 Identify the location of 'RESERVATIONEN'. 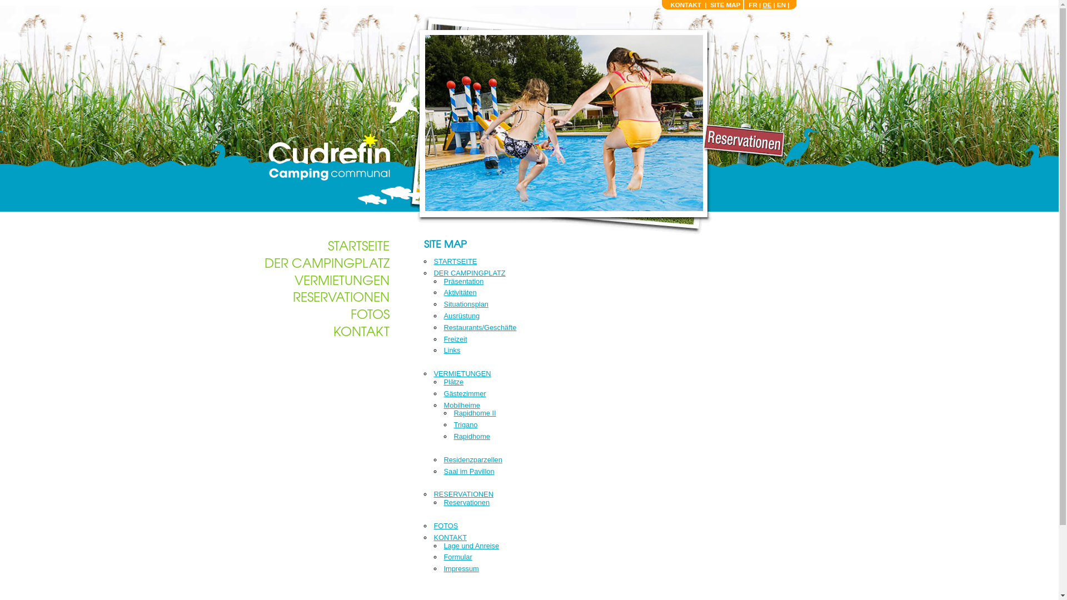
(340, 295).